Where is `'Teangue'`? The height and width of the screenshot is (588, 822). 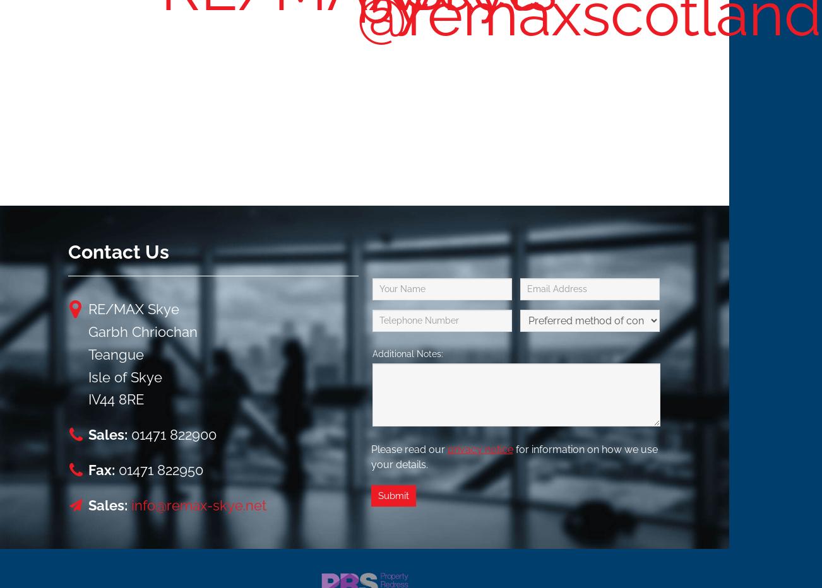
'Teangue' is located at coordinates (116, 353).